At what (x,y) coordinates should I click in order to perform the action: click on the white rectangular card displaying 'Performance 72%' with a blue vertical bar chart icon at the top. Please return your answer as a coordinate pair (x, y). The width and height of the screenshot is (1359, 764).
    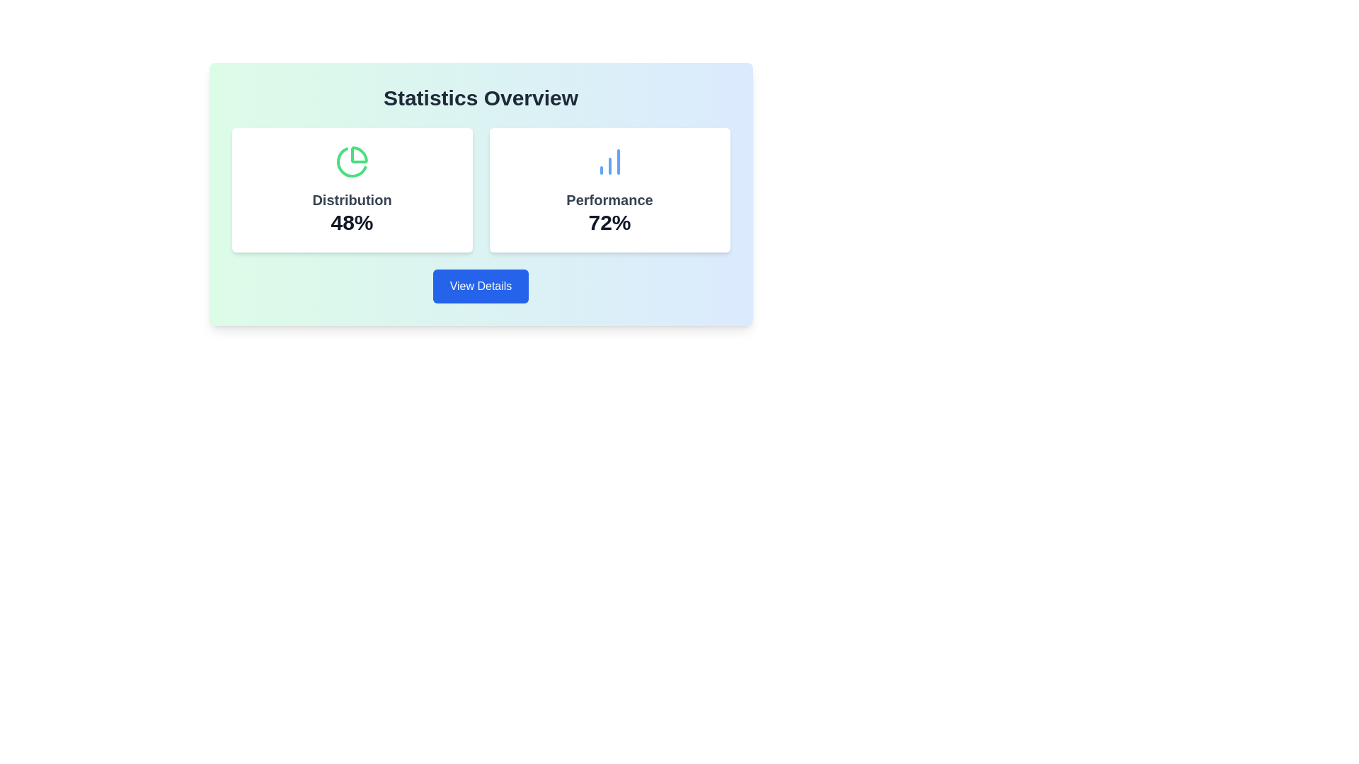
    Looking at the image, I should click on (609, 190).